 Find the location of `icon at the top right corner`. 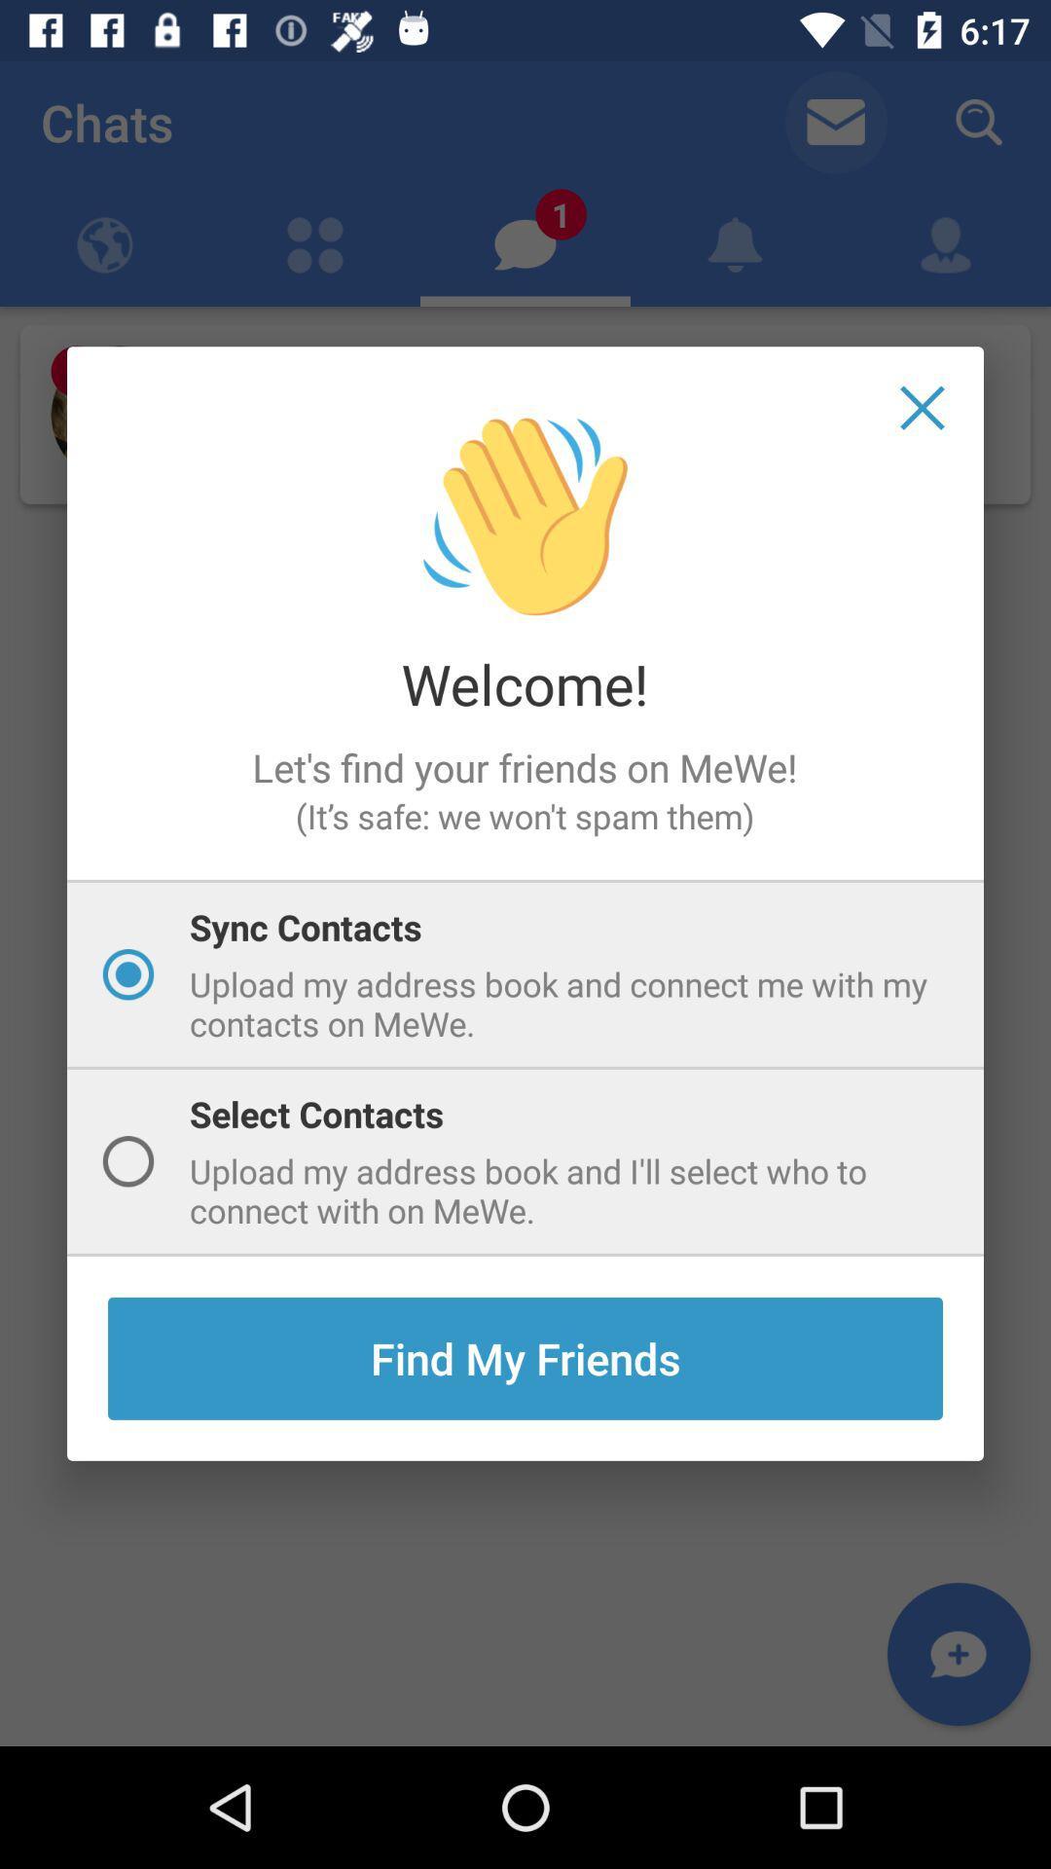

icon at the top right corner is located at coordinates (922, 407).